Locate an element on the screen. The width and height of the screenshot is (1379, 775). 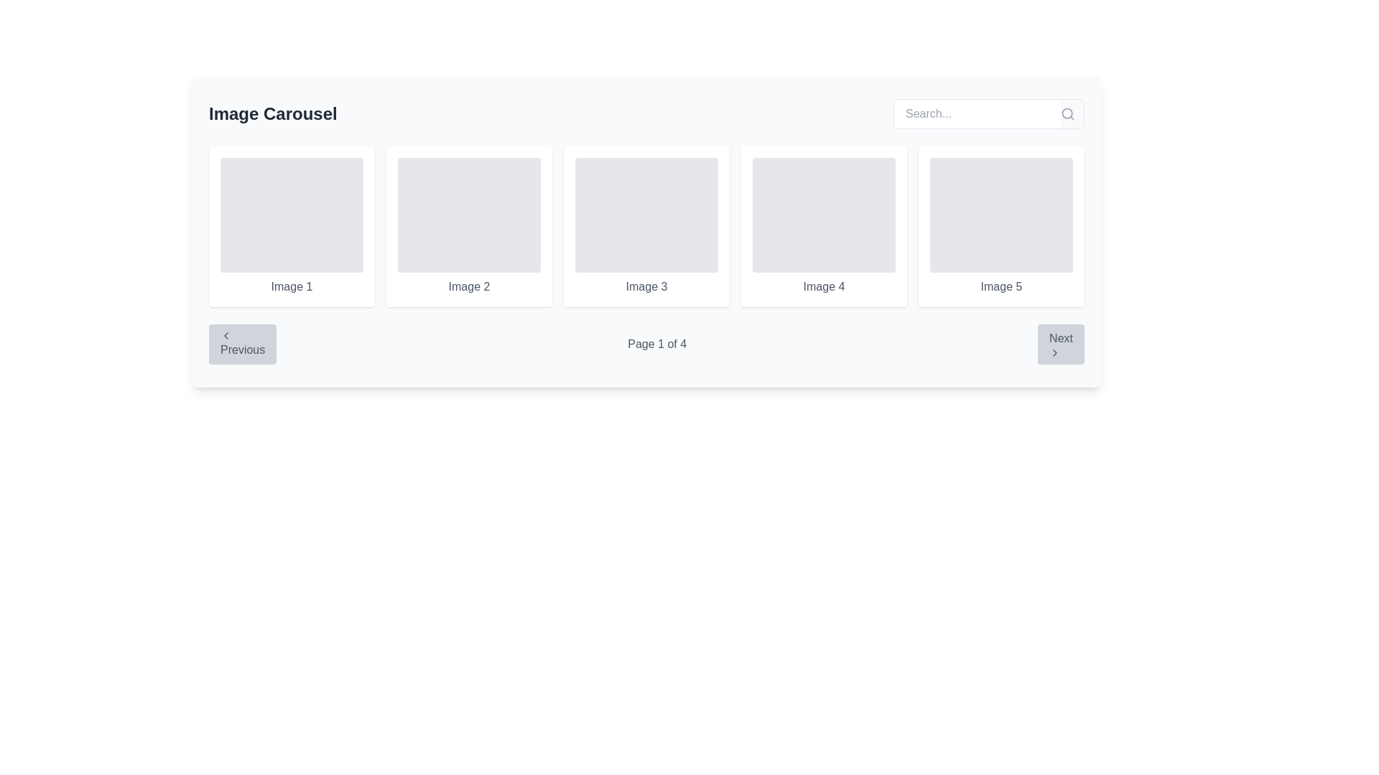
the second Card component in the horizontal grid is located at coordinates (469, 226).